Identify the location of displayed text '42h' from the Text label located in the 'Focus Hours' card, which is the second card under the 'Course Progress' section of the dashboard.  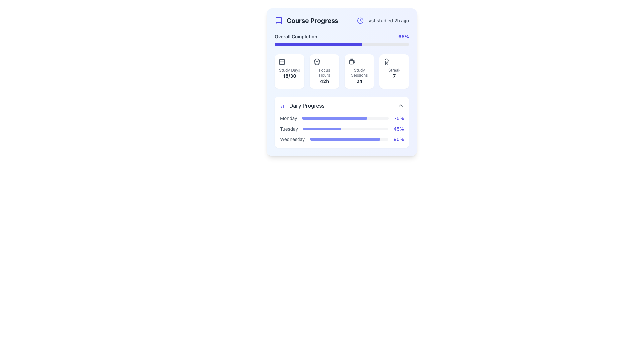
(324, 81).